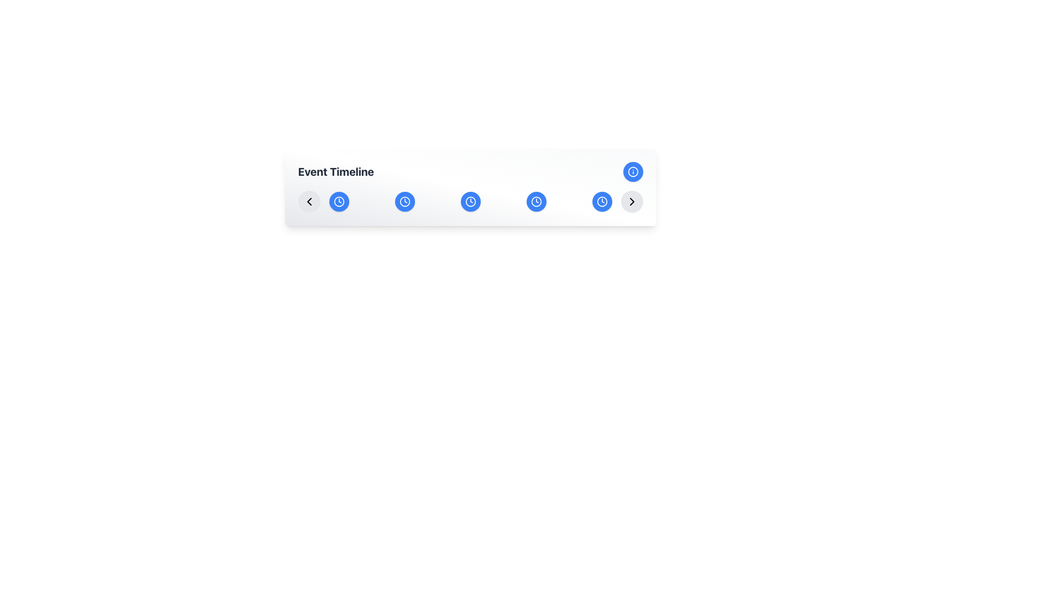 This screenshot has height=597, width=1061. Describe the element at coordinates (404, 202) in the screenshot. I see `the second button in the 'Event Timeline' section that allows users to view 'Event details for Feb' using keyboard navigation` at that location.